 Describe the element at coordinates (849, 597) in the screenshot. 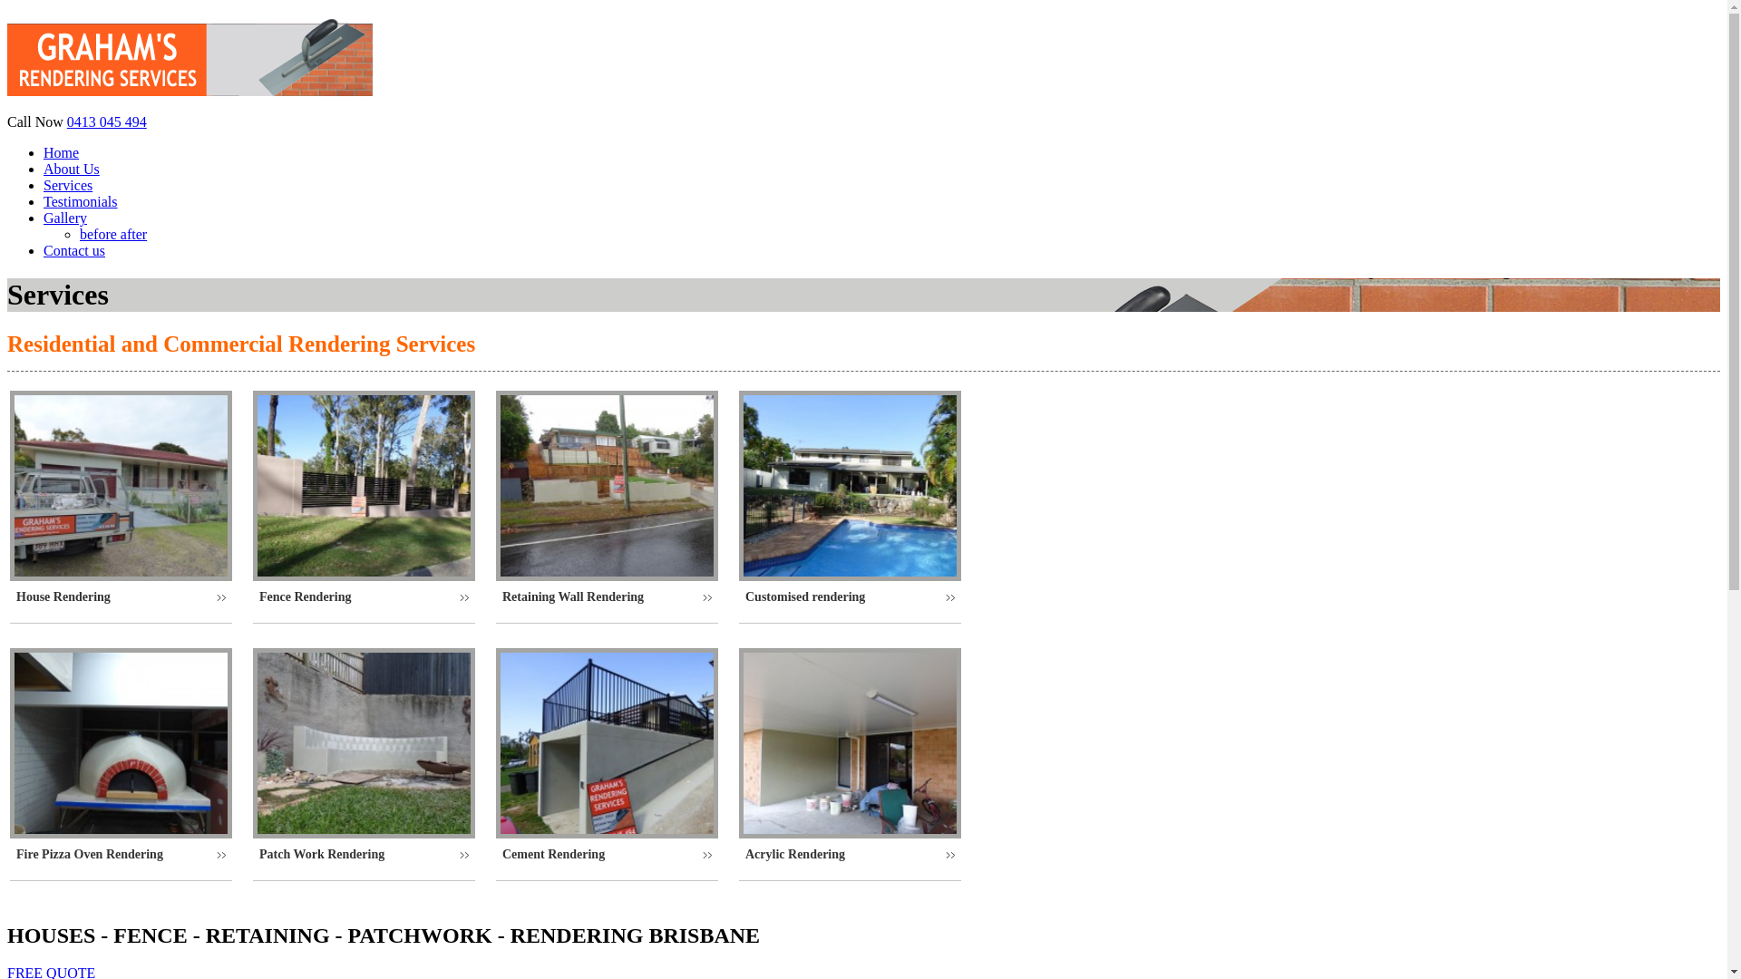

I see `'Customised rendering'` at that location.